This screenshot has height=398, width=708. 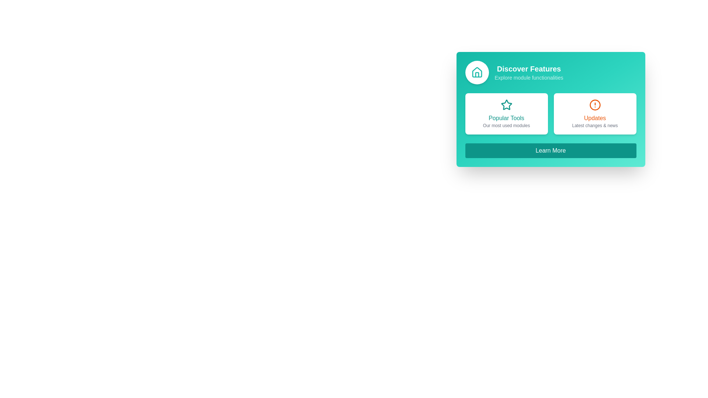 What do you see at coordinates (477, 72) in the screenshot?
I see `the top left circular icon in the card representing the 'Discover Features' section` at bounding box center [477, 72].